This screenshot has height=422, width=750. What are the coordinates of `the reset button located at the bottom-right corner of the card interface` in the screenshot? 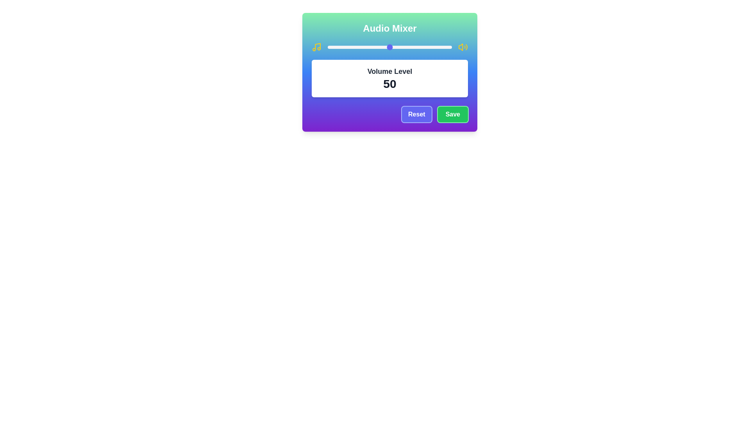 It's located at (416, 114).